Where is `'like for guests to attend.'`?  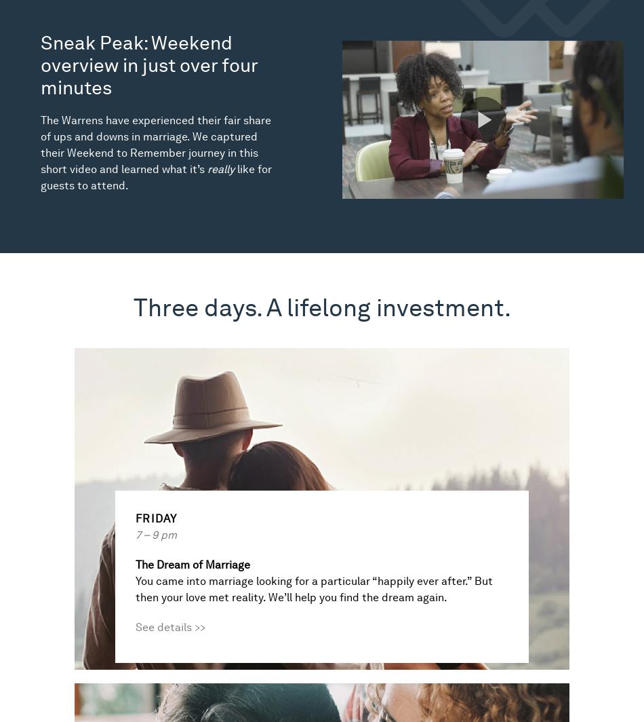 'like for guests to attend.' is located at coordinates (156, 177).